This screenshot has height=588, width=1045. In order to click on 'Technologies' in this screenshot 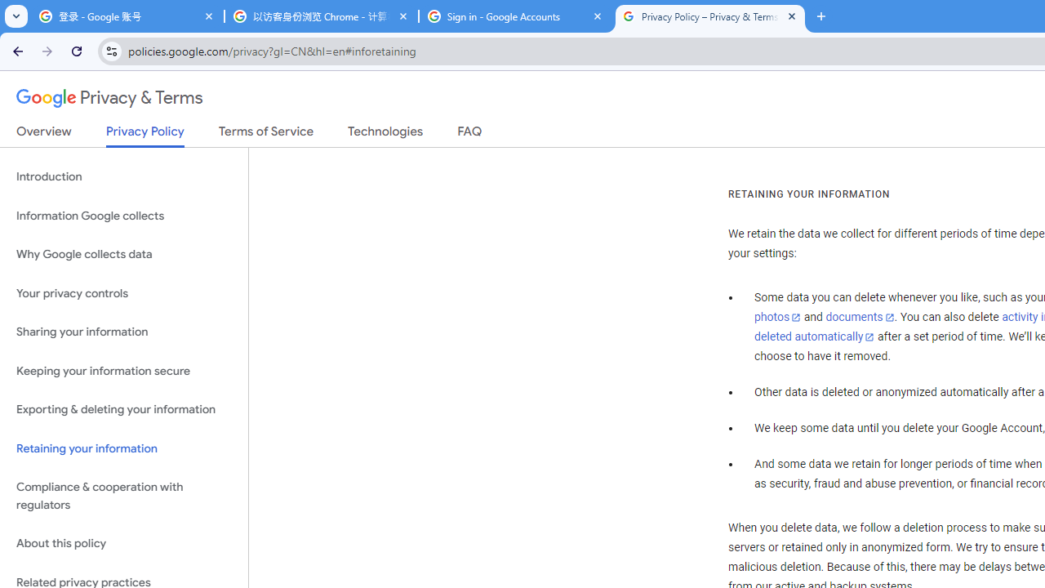, I will do `click(385, 134)`.